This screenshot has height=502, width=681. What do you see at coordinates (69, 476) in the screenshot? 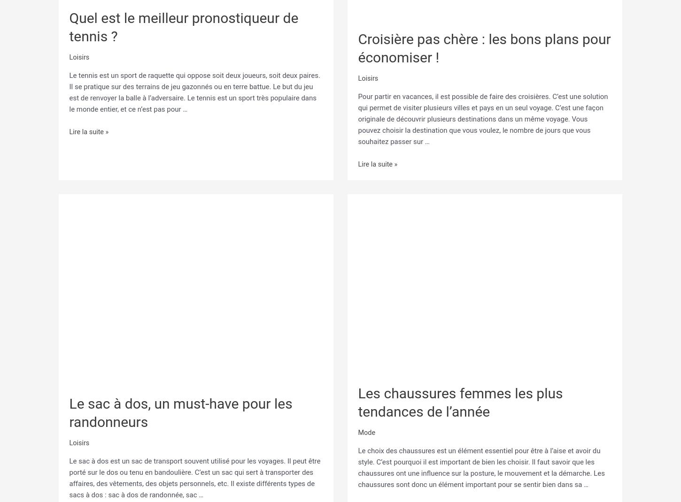
I see `'Le sac à dos est un sac de transport souvent utilisé pour les voyages. Il peut être porté sur le dos ou tenu en bandoulière. C’est un sac qui sert à transporter des affaires, des vêtements, des objets personnels, etc. Il existe différents types de sacs à dos : sac à dos de randonnée, sac …'` at bounding box center [69, 476].